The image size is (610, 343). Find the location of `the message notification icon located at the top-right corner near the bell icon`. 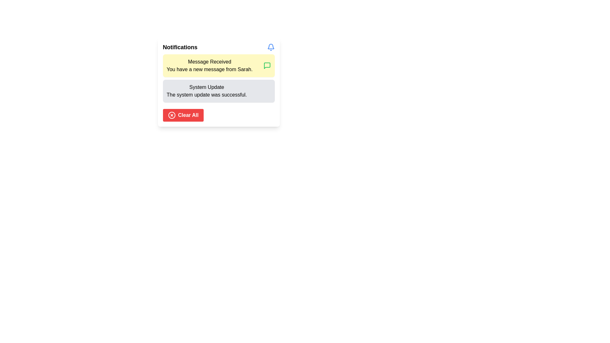

the message notification icon located at the top-right corner near the bell icon is located at coordinates (267, 66).